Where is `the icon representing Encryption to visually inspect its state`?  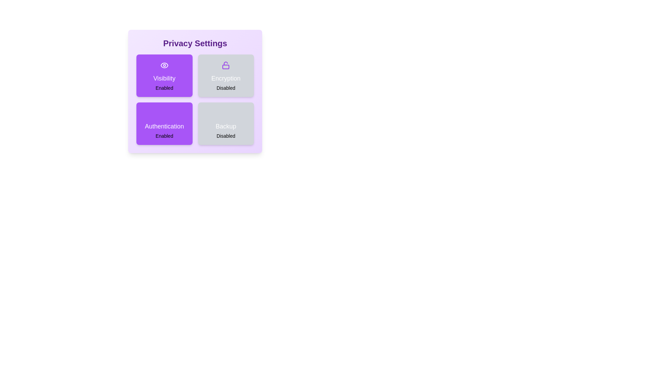 the icon representing Encryption to visually inspect its state is located at coordinates (226, 65).